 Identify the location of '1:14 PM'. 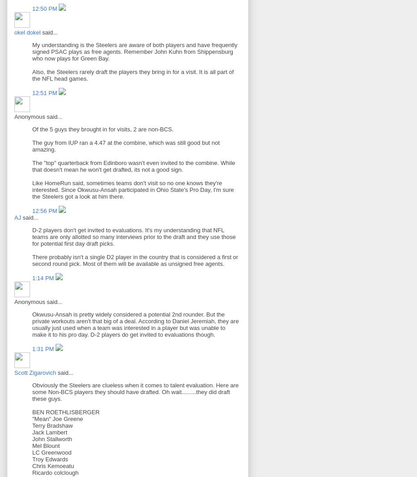
(44, 278).